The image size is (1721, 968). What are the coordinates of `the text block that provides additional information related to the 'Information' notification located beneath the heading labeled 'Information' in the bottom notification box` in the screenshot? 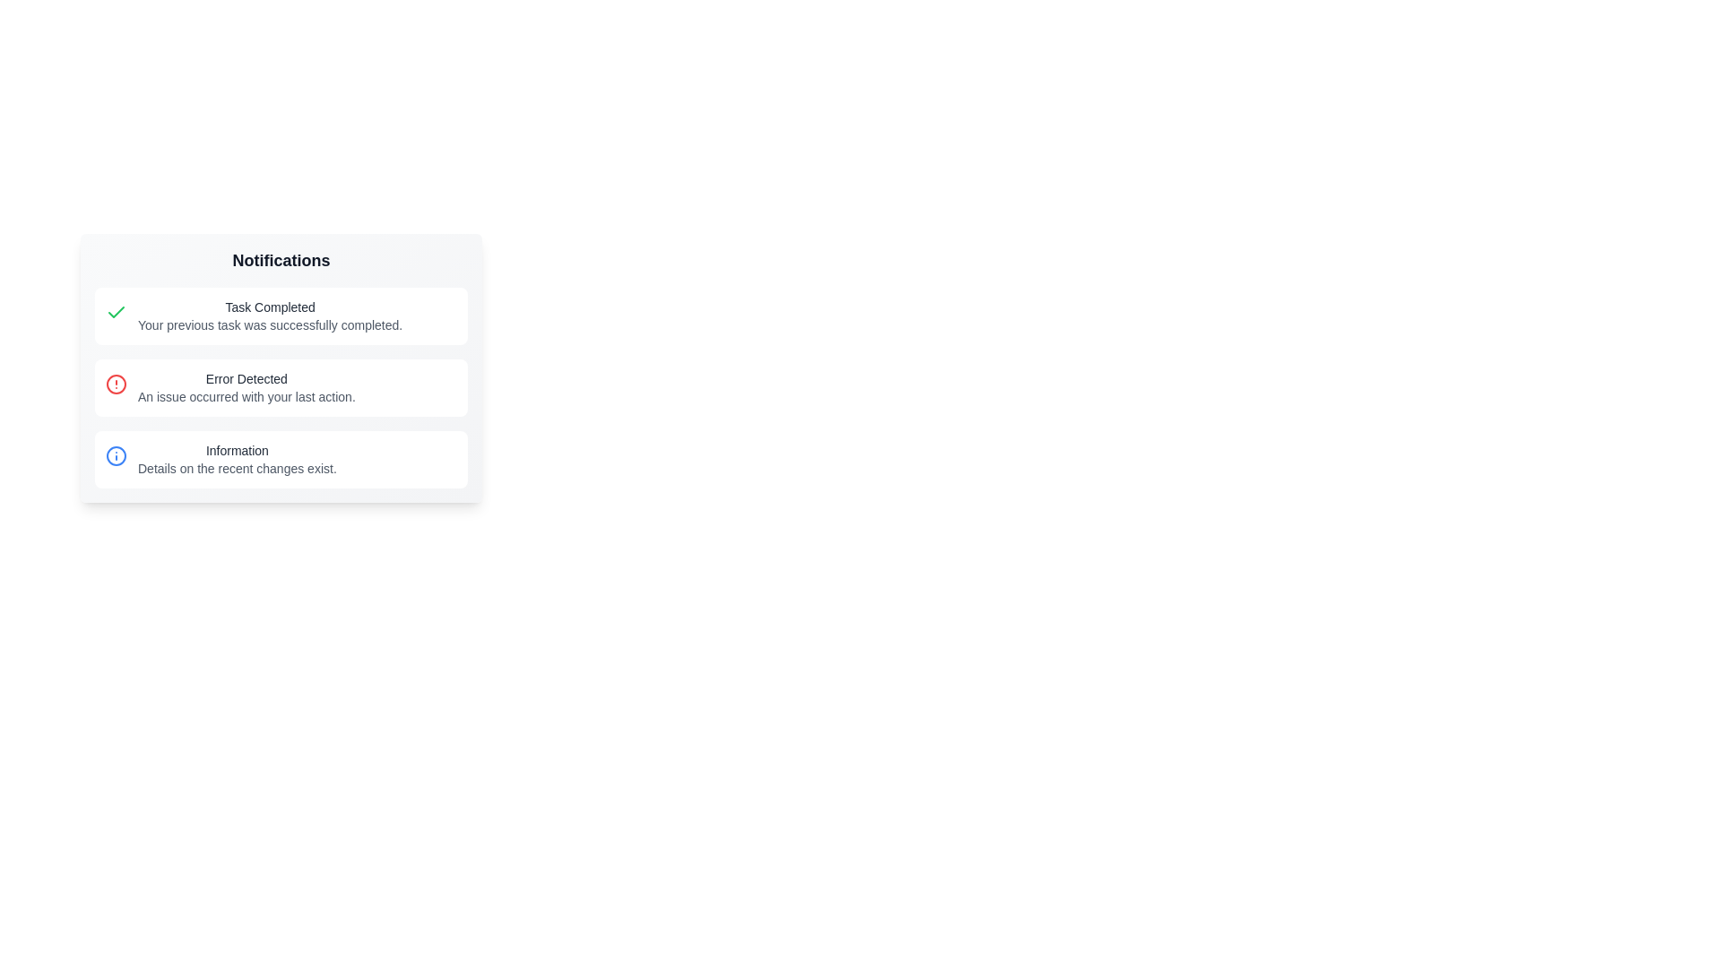 It's located at (236, 468).